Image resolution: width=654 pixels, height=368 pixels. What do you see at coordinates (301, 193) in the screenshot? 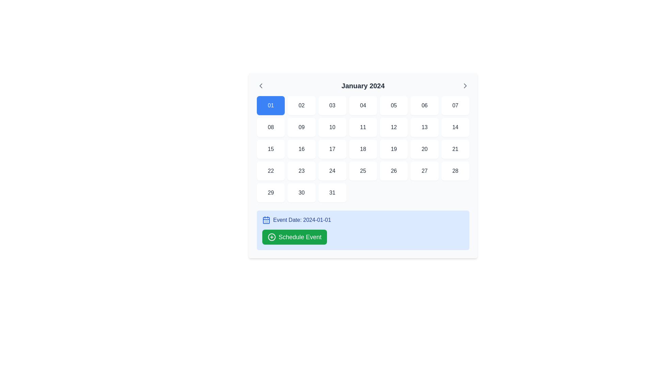
I see `the button displaying '30' in the sixth row and second column of the calendar grid` at bounding box center [301, 193].